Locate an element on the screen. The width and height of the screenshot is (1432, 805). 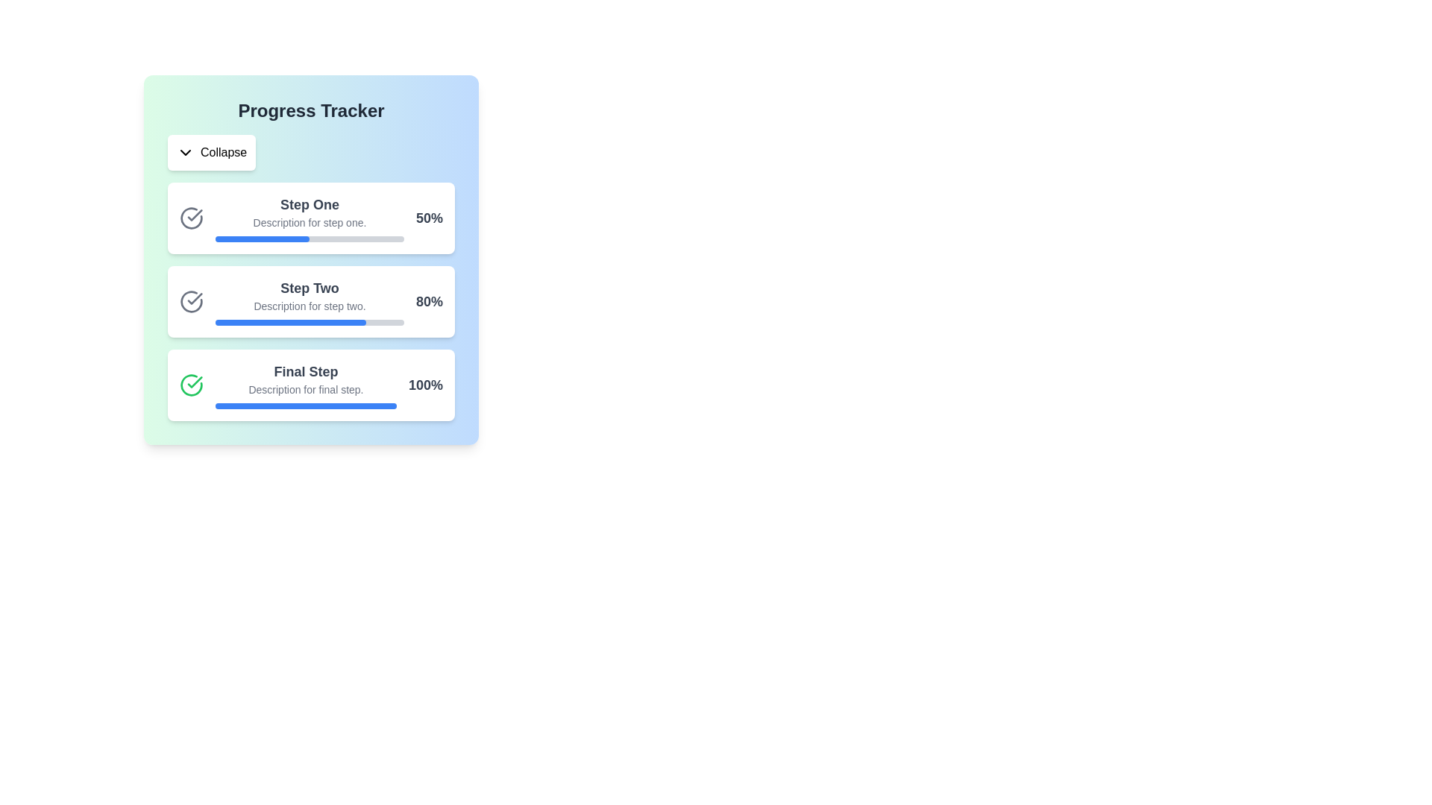
the progress bar segment indicating 50% completion for 'Step One' in the progress tracking interface, located beneath the 'Description for step one.' text is located at coordinates (263, 238).